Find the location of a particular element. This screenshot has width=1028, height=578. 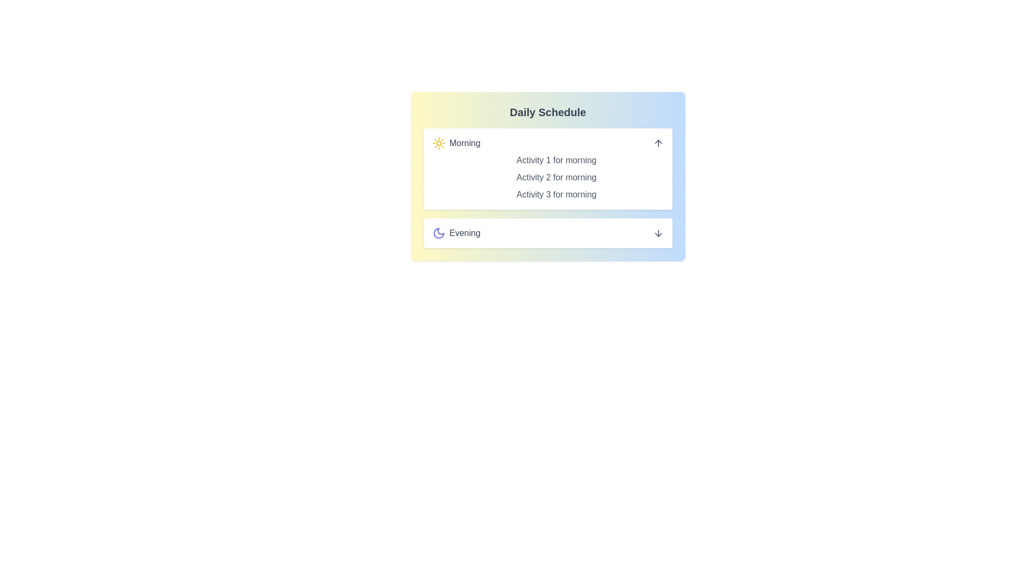

the activity item labeled 'Activity 1 for morning' in the expanded schedule is located at coordinates (556, 161).